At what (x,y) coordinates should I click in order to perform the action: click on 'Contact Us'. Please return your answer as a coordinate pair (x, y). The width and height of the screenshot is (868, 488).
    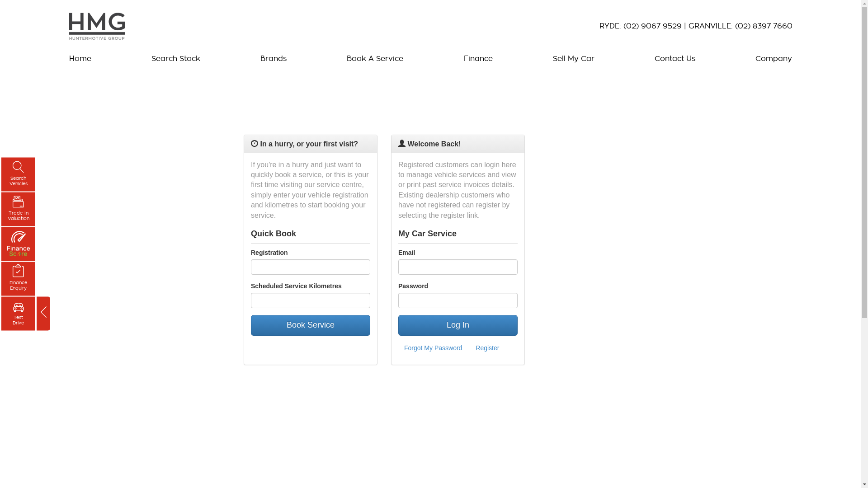
    Looking at the image, I should click on (650, 59).